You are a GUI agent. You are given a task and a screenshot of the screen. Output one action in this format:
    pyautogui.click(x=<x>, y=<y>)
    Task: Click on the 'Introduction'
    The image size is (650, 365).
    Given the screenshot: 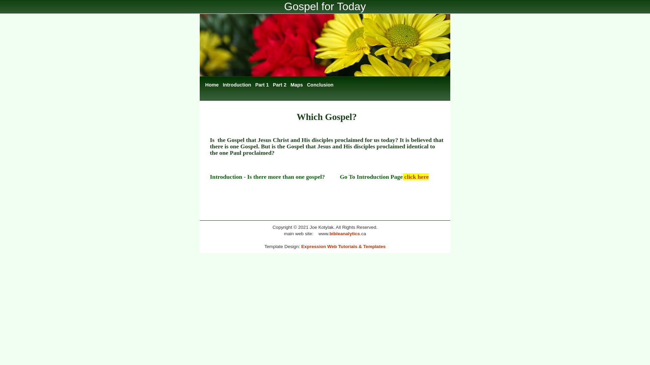 What is the action you would take?
    pyautogui.click(x=237, y=84)
    